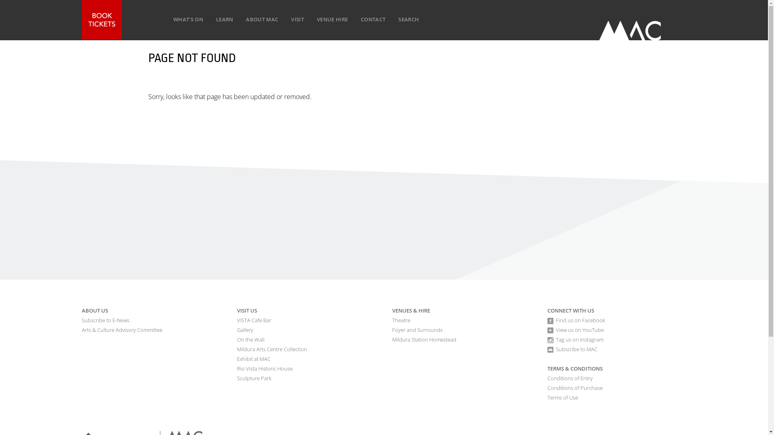  What do you see at coordinates (410, 310) in the screenshot?
I see `'VENUES & HIRE'` at bounding box center [410, 310].